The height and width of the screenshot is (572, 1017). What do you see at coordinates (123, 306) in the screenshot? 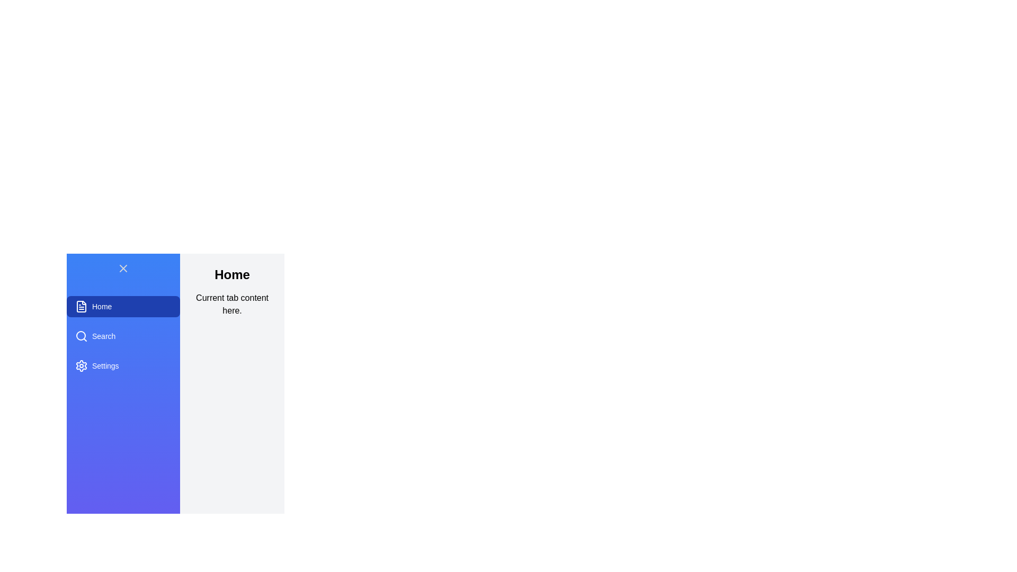
I see `the Home tab from the list` at bounding box center [123, 306].